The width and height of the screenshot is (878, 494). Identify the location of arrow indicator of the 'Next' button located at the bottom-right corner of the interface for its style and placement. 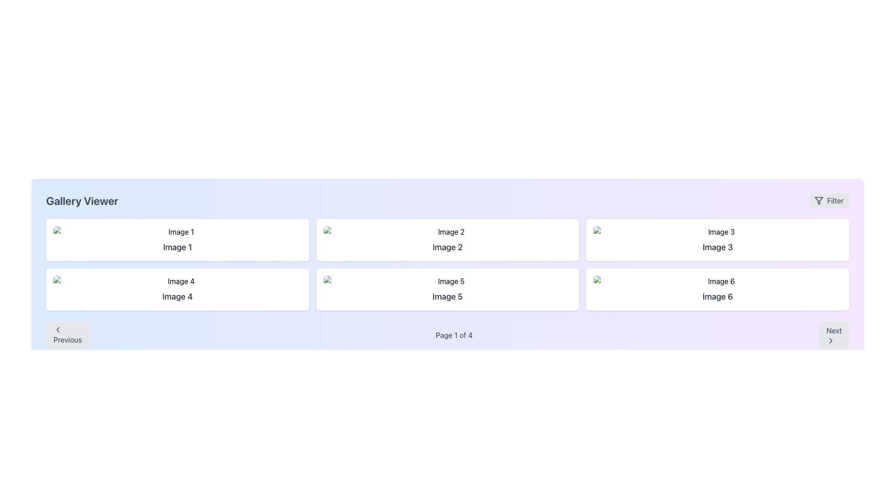
(831, 340).